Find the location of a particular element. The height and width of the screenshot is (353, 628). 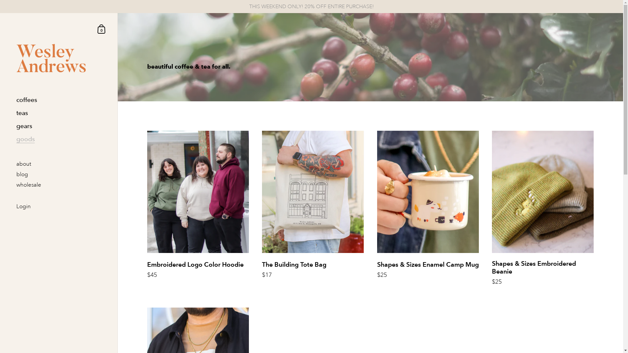

'Shapes & Sizes Embroidered Beanie is located at coordinates (543, 212).